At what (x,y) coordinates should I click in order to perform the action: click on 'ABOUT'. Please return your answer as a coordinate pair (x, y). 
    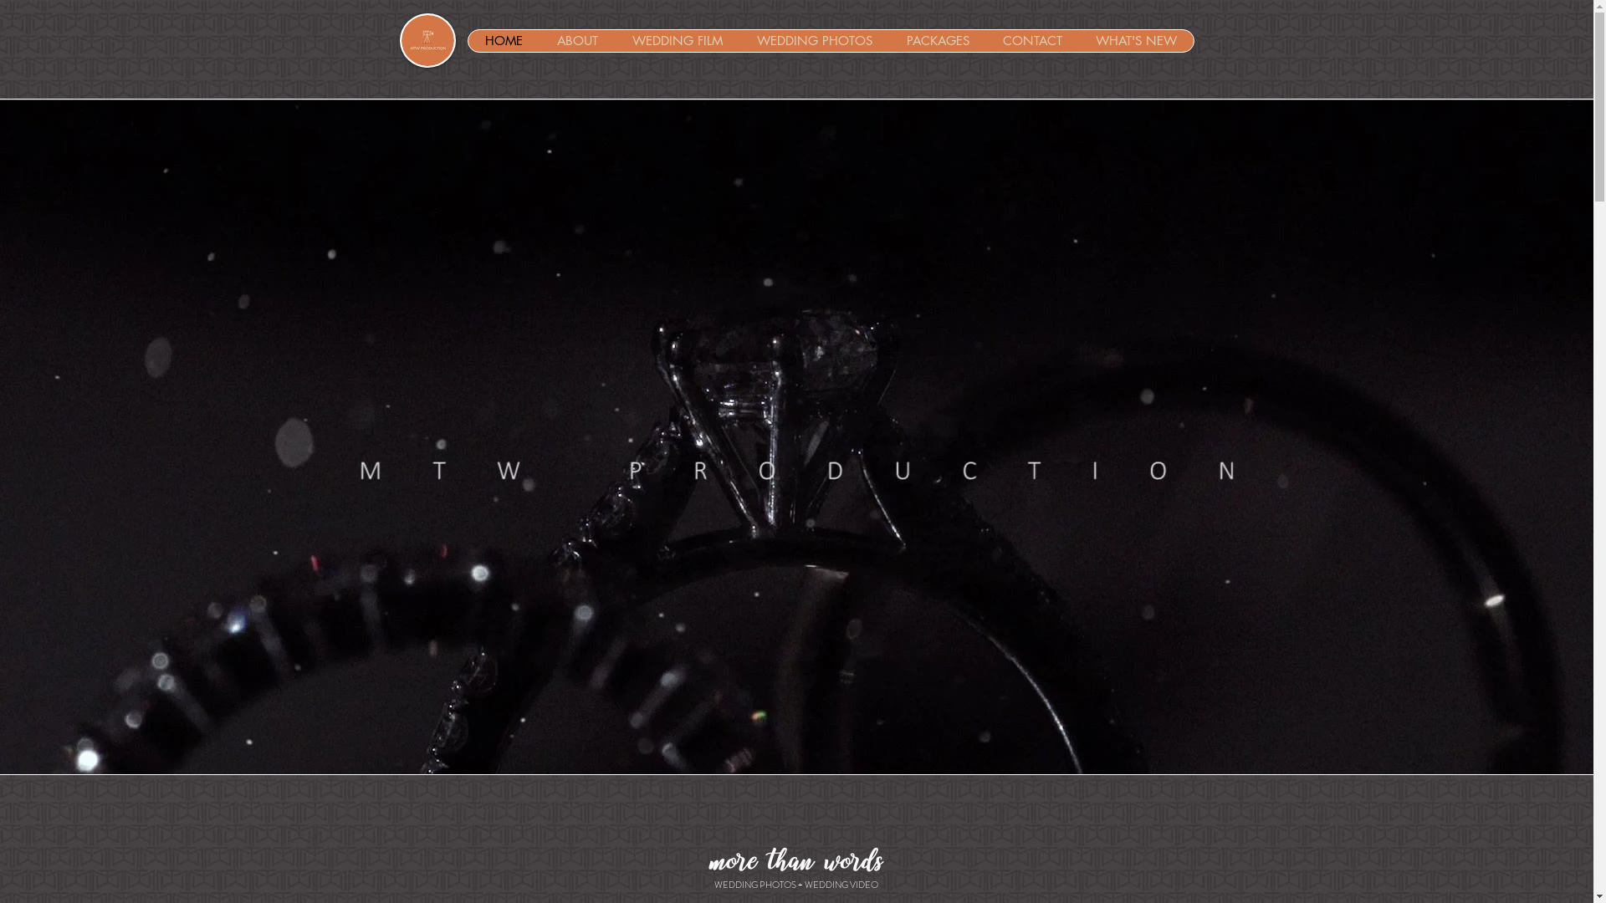
    Looking at the image, I should click on (576, 40).